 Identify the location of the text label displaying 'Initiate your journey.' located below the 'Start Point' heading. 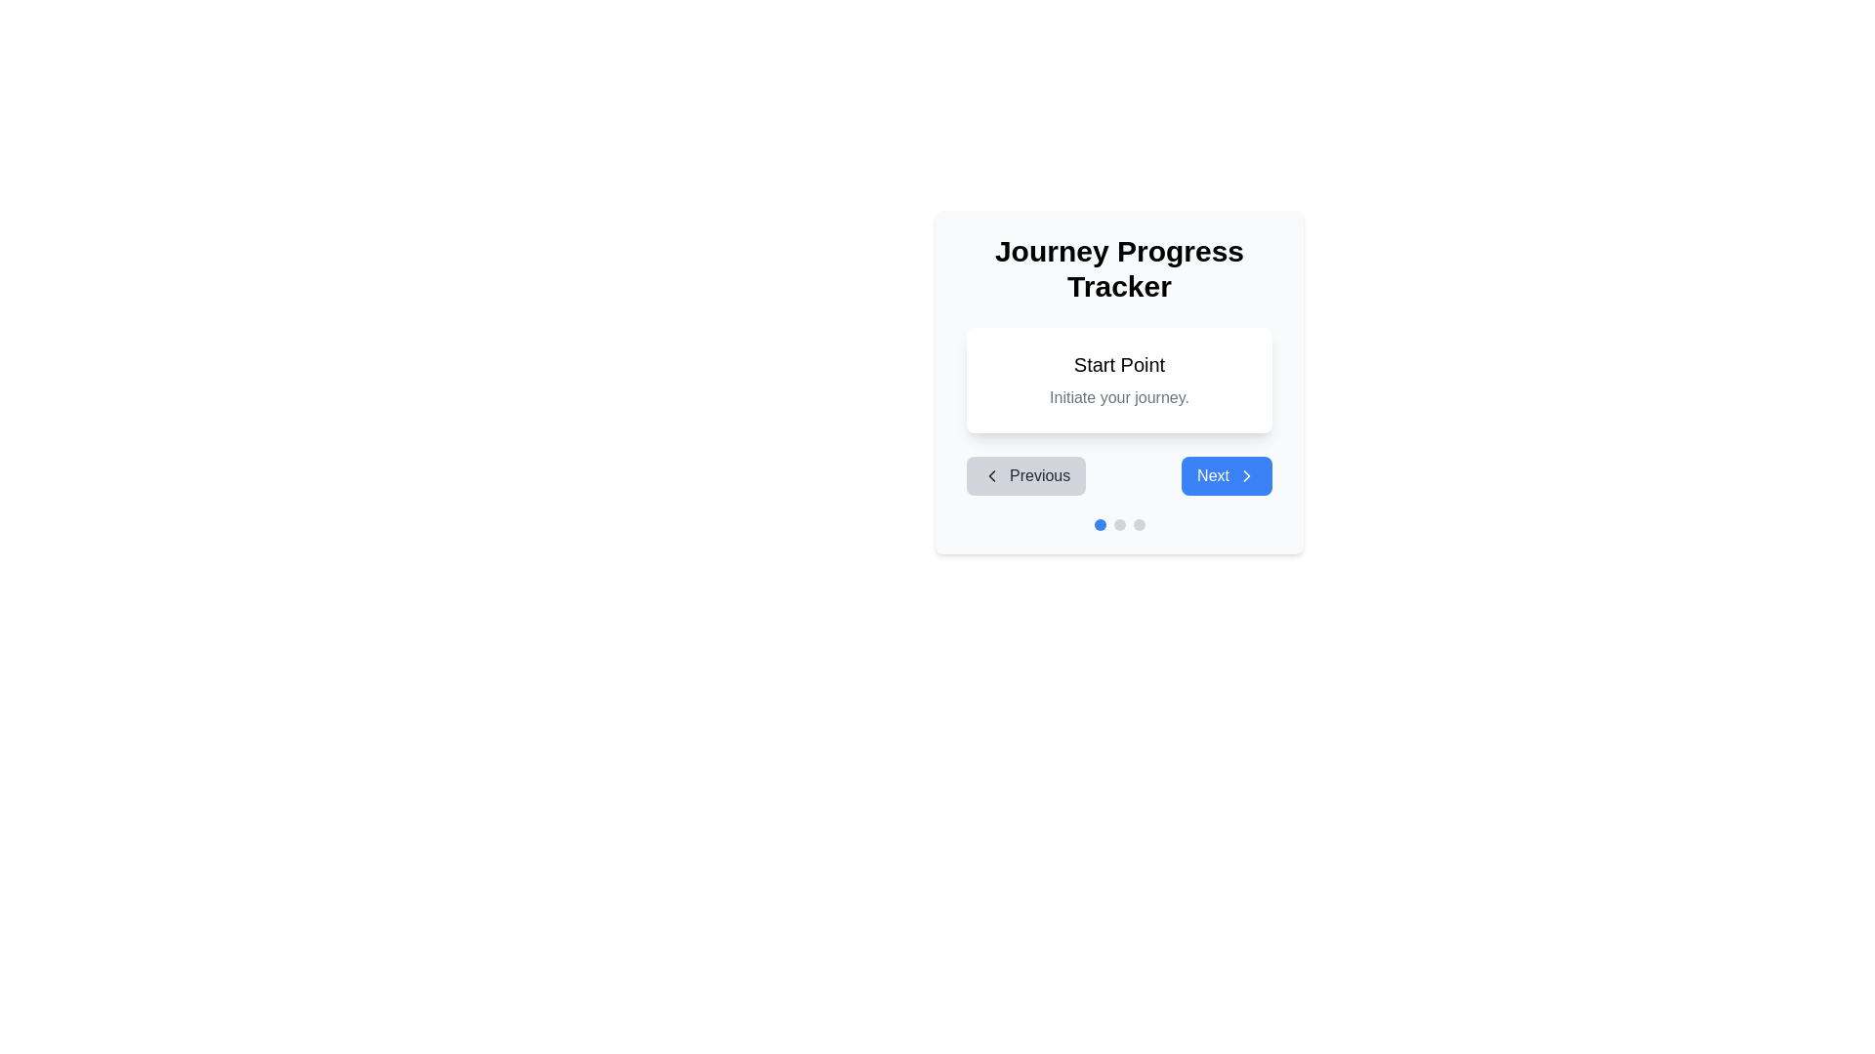
(1119, 397).